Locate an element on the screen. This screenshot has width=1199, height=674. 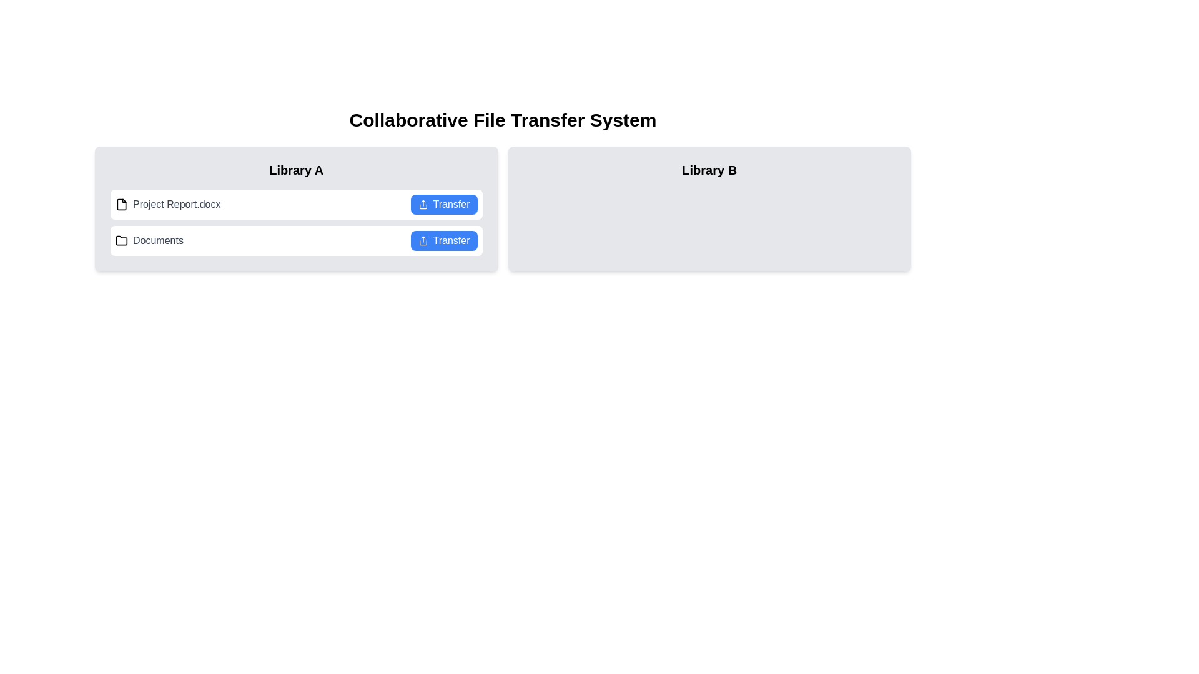
the blue 'Transfer' button with rounded corners, containing white text and an upward arrow icon, located at the far right of the second row in the 'Documents Transfer' group to initiate a transfer operation is located at coordinates (443, 240).